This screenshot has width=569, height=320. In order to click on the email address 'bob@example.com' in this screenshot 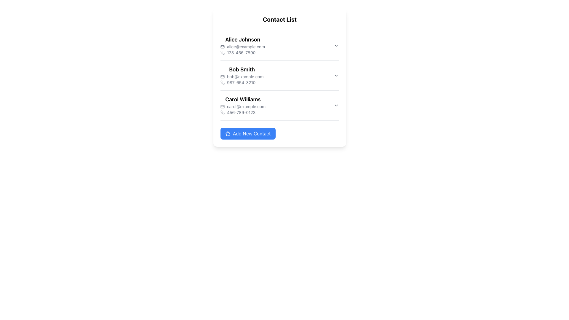, I will do `click(242, 76)`.